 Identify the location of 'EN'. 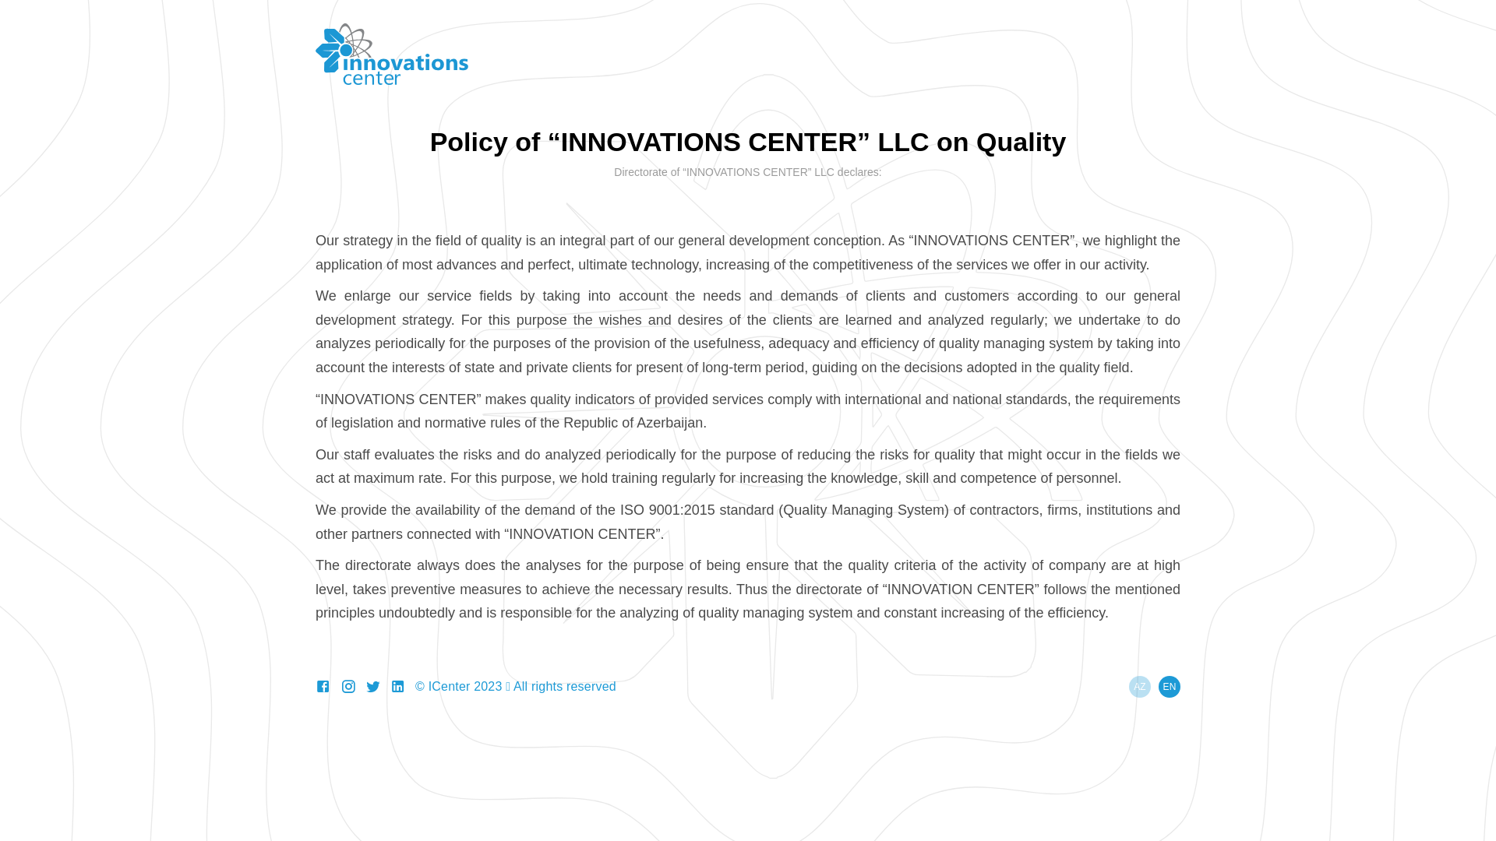
(1159, 686).